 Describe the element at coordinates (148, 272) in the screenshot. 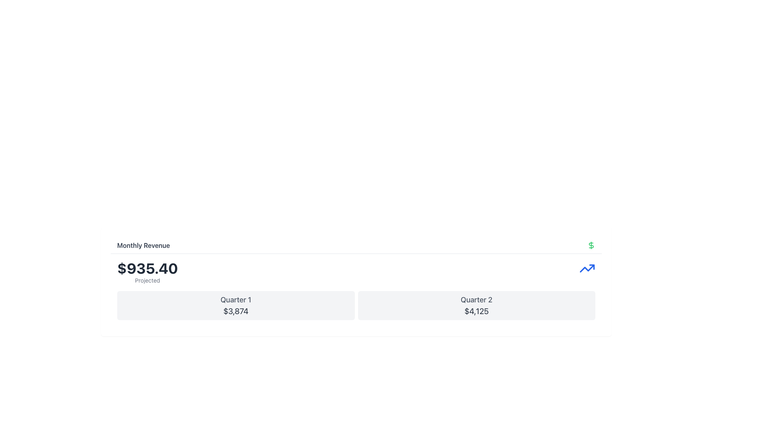

I see `the text label displaying the amount '$935.40' and the word 'Projected' located under the heading 'Monthly Revenue'` at that location.